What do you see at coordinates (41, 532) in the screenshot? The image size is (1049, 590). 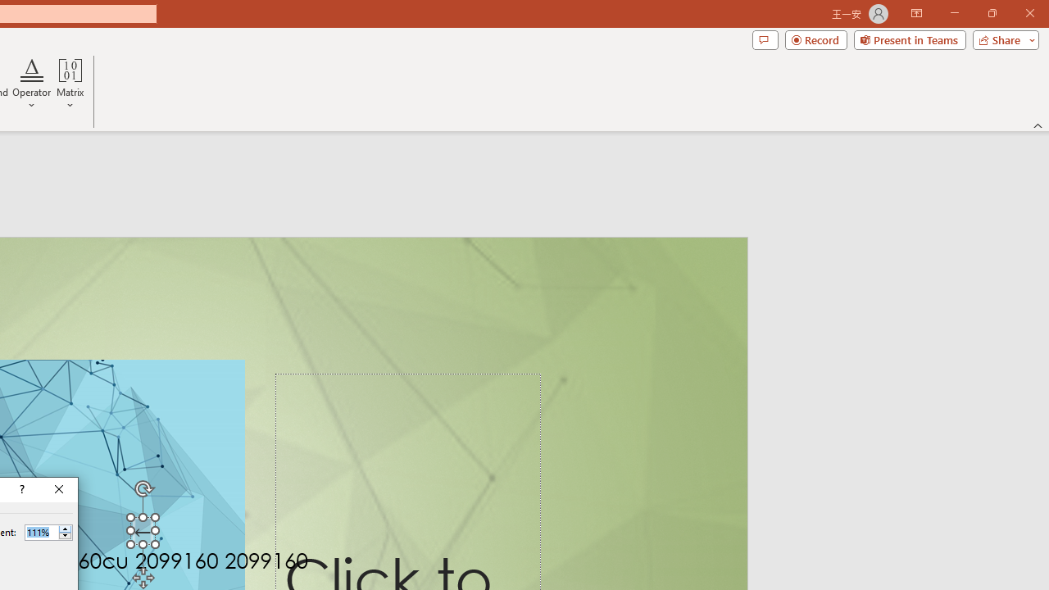 I see `'Percent'` at bounding box center [41, 532].